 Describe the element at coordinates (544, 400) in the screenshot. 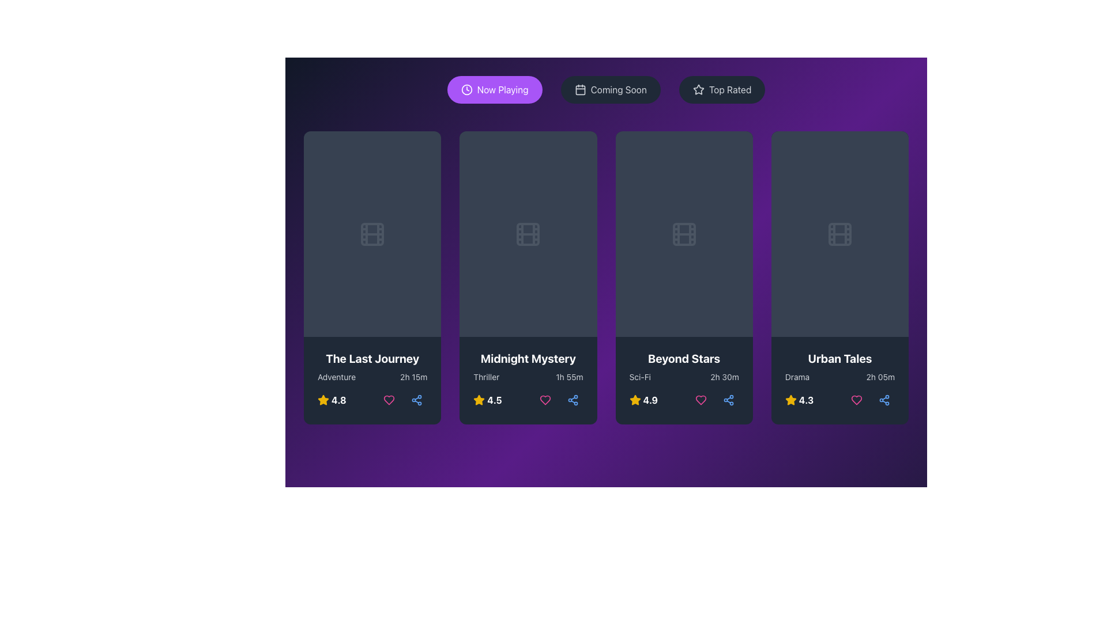

I see `the 'like' or 'favorite' button, which is the second item in the horizontal row of icons below the movie card titled 'Midnight Mystery'` at that location.